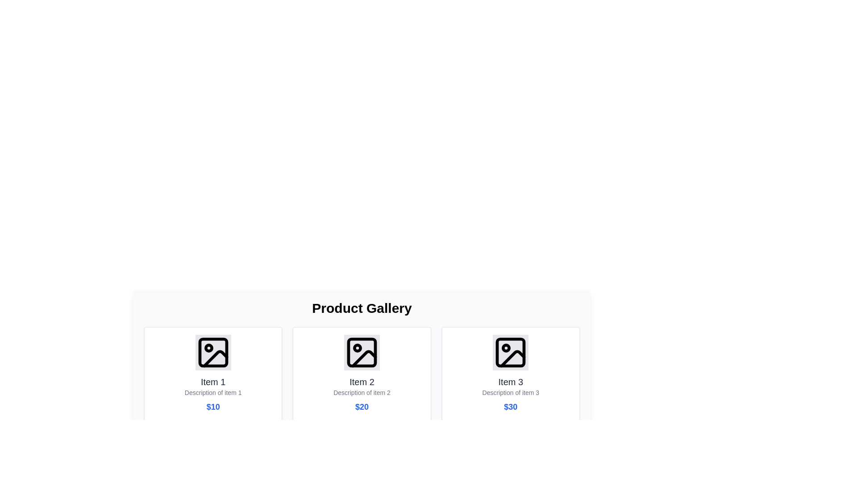  What do you see at coordinates (511, 382) in the screenshot?
I see `the title text of the third product in the gallery to read the title` at bounding box center [511, 382].